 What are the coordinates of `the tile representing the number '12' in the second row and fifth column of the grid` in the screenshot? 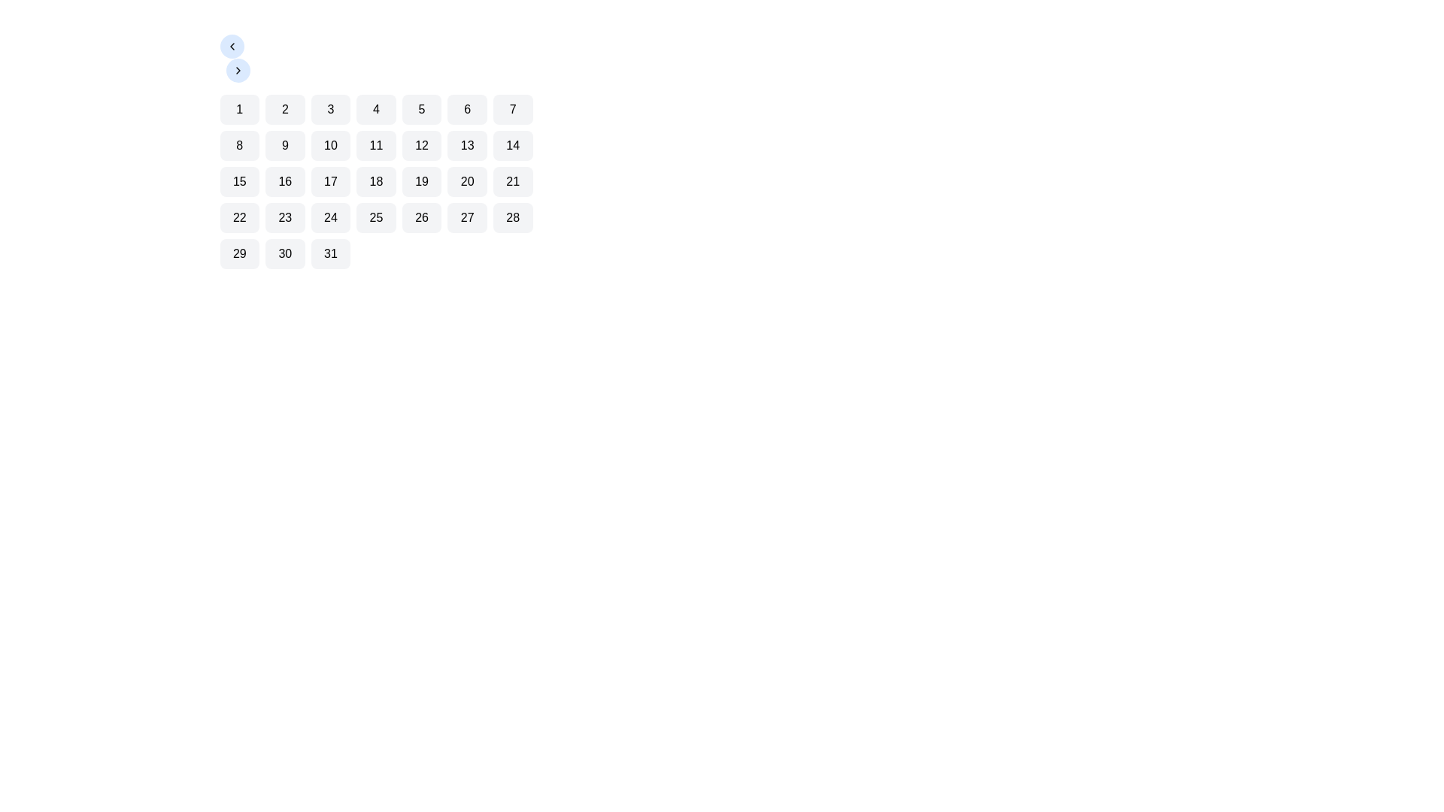 It's located at (421, 145).